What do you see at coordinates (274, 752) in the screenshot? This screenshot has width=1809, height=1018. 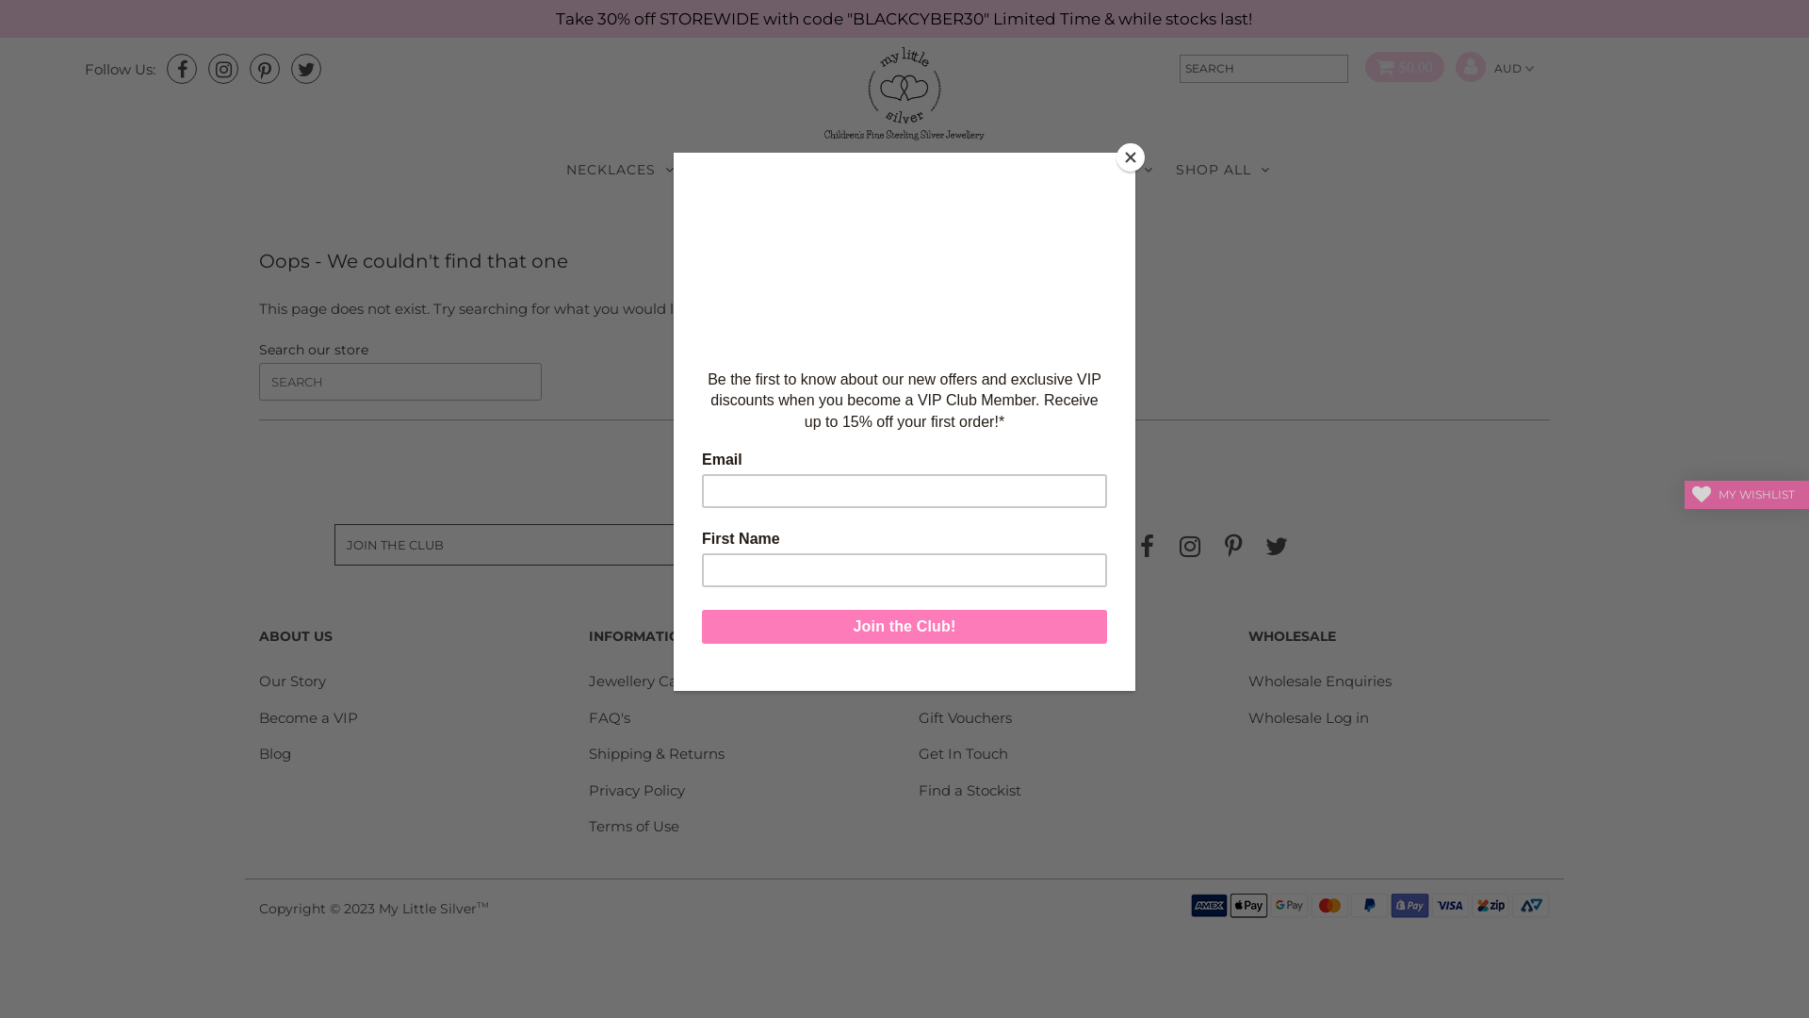 I see `'Blog'` at bounding box center [274, 752].